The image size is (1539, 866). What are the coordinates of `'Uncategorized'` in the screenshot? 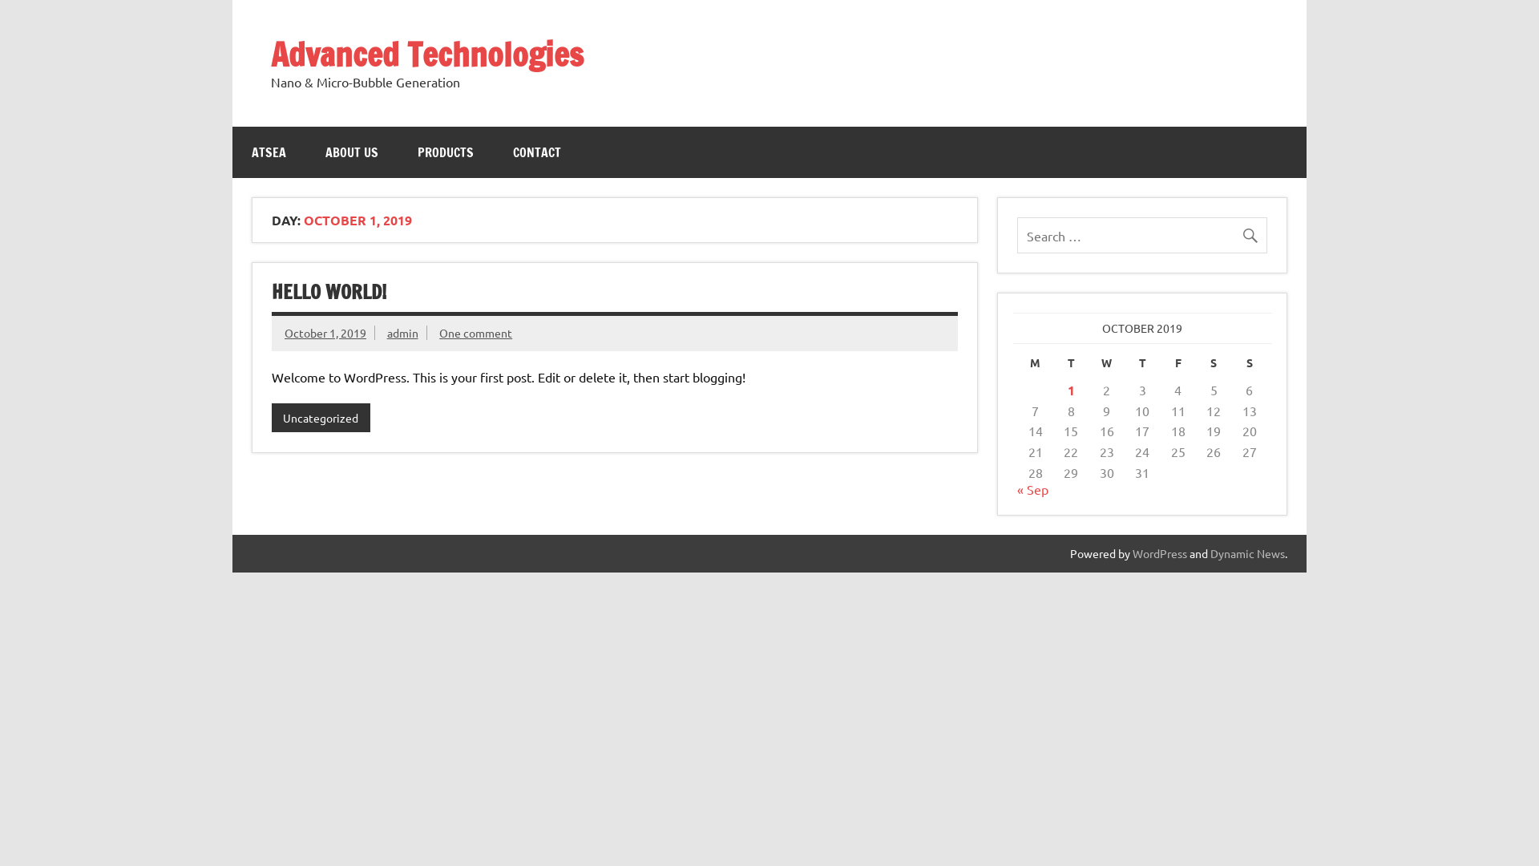 It's located at (321, 416).